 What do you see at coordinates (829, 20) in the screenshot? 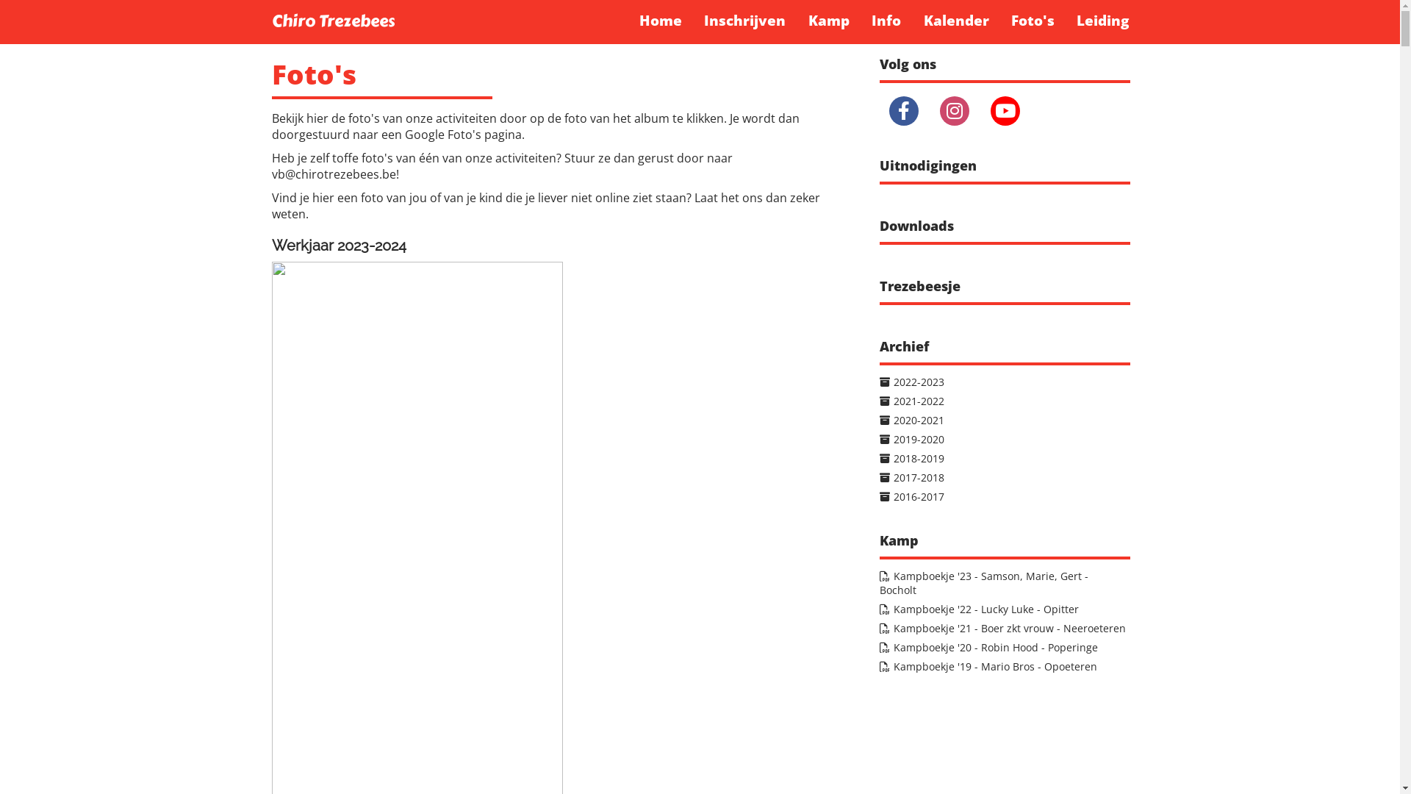
I see `'Kamp'` at bounding box center [829, 20].